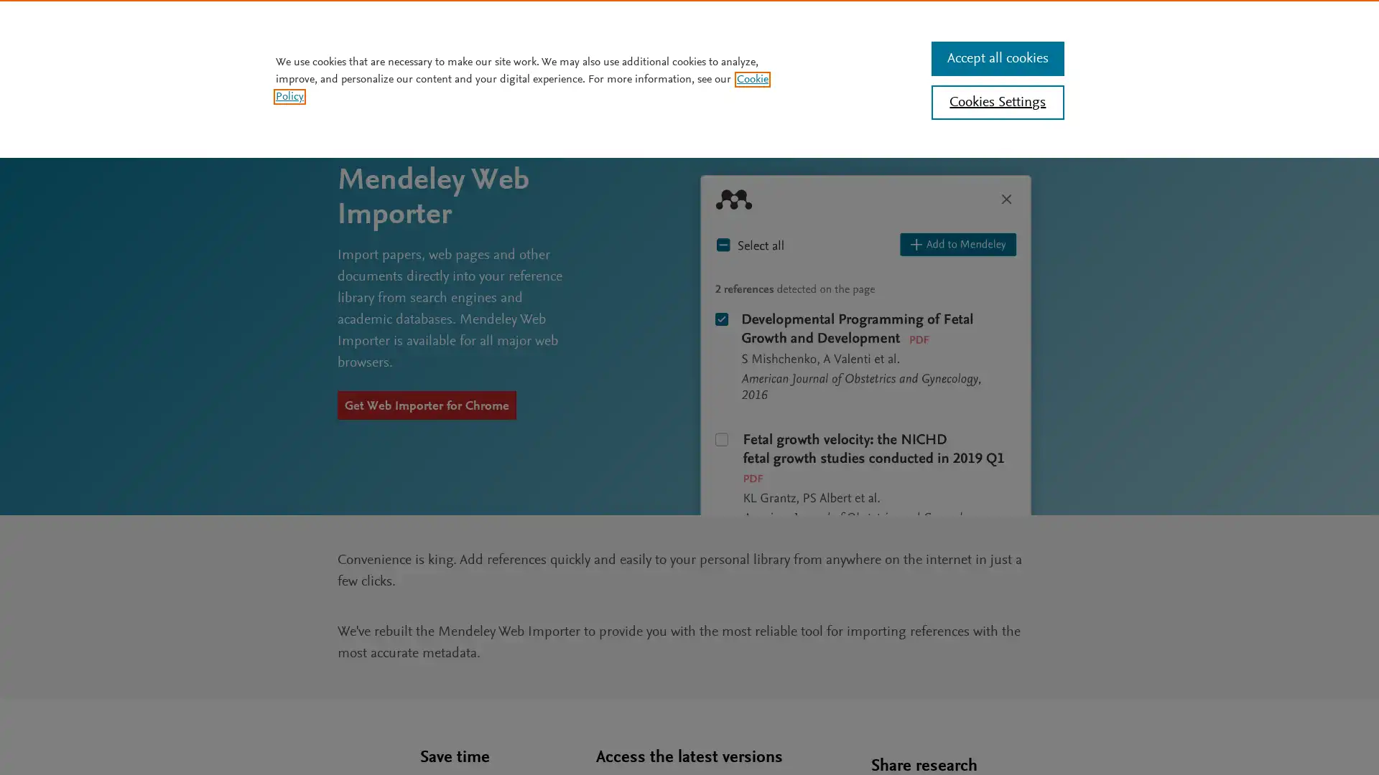 The height and width of the screenshot is (775, 1379). Describe the element at coordinates (996, 57) in the screenshot. I see `Accept all cookies` at that location.